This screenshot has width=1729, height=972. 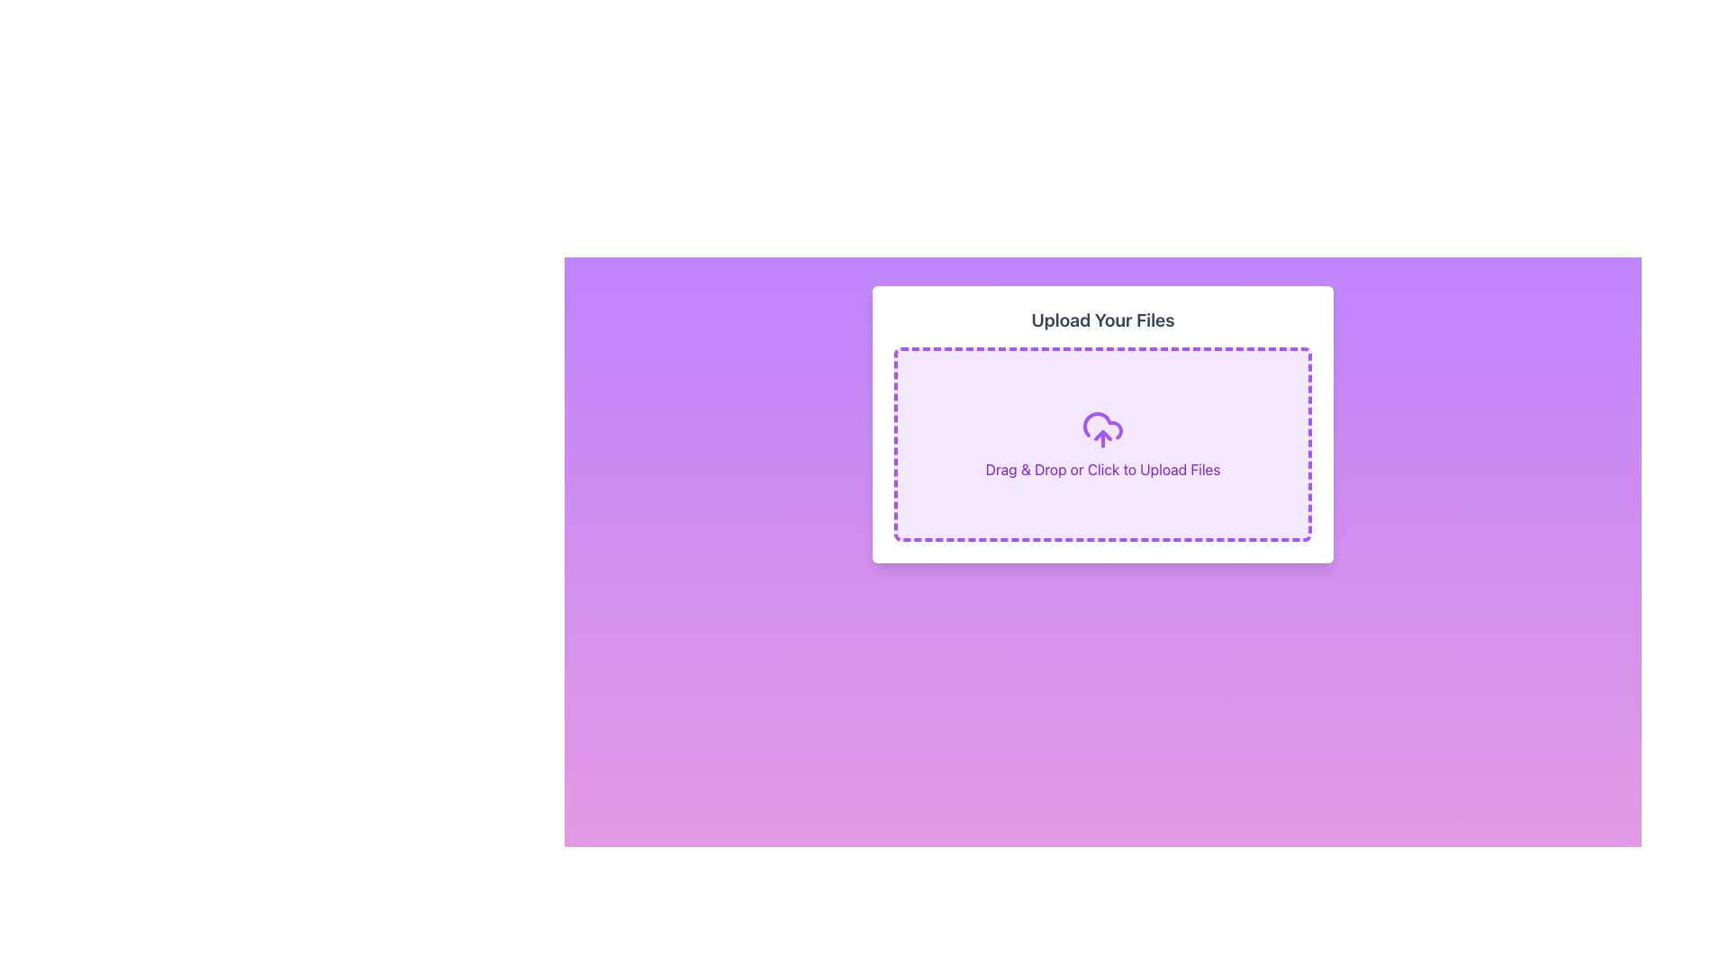 I want to click on the file upload icon located at the center of the 'Drag & Drop or Click to Upload Files' box with a dashed border and purple background, so click(x=1101, y=430).